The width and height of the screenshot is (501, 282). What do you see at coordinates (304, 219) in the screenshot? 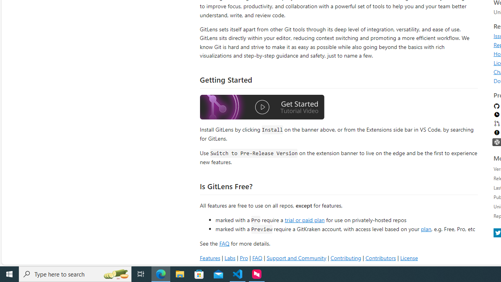
I see `'trial or paid plan'` at bounding box center [304, 219].